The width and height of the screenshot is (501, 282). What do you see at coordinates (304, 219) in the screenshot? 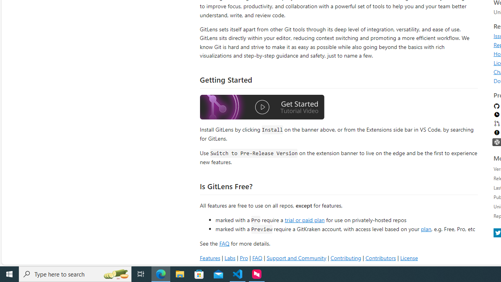
I see `'trial or paid plan'` at bounding box center [304, 219].